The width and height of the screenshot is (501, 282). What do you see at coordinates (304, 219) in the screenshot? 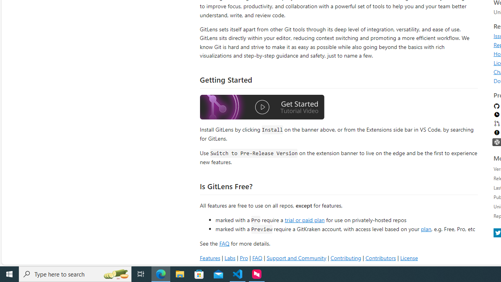
I see `'trial or paid plan'` at bounding box center [304, 219].